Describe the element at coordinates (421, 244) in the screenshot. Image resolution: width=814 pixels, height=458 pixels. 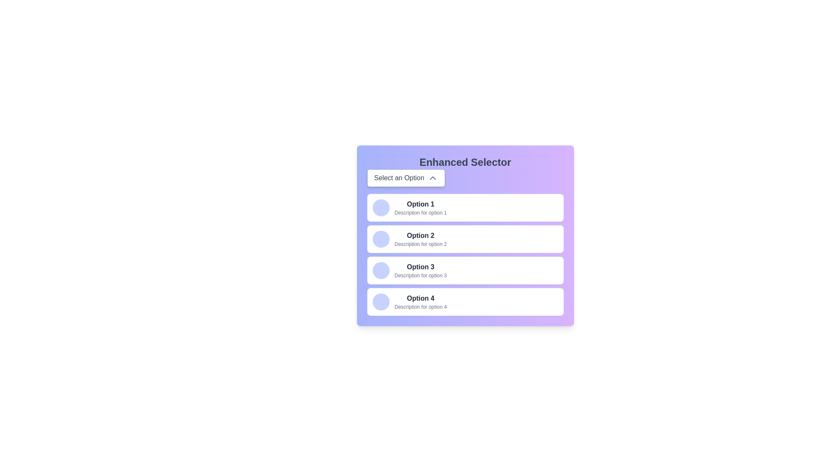
I see `information displayed in the Text Label providing details for 'Option 2', which is positioned directly below the text 'Option 2' in the Enhanced Selector component` at that location.